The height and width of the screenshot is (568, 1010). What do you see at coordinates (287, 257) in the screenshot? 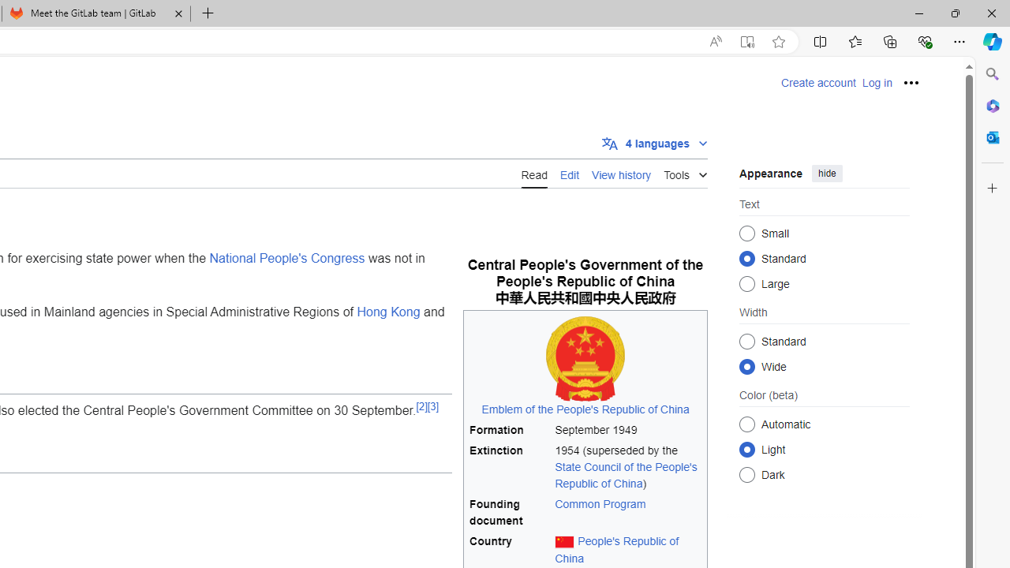
I see `'National People'` at bounding box center [287, 257].